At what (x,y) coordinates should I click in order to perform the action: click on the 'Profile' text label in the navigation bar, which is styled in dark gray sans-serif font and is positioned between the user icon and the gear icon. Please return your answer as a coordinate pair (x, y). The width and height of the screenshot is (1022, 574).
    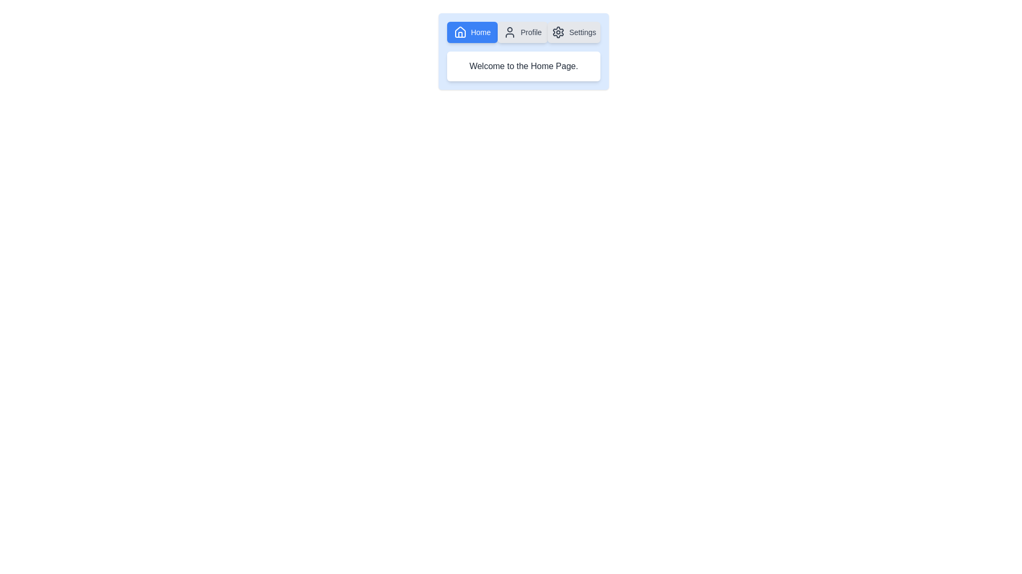
    Looking at the image, I should click on (531, 32).